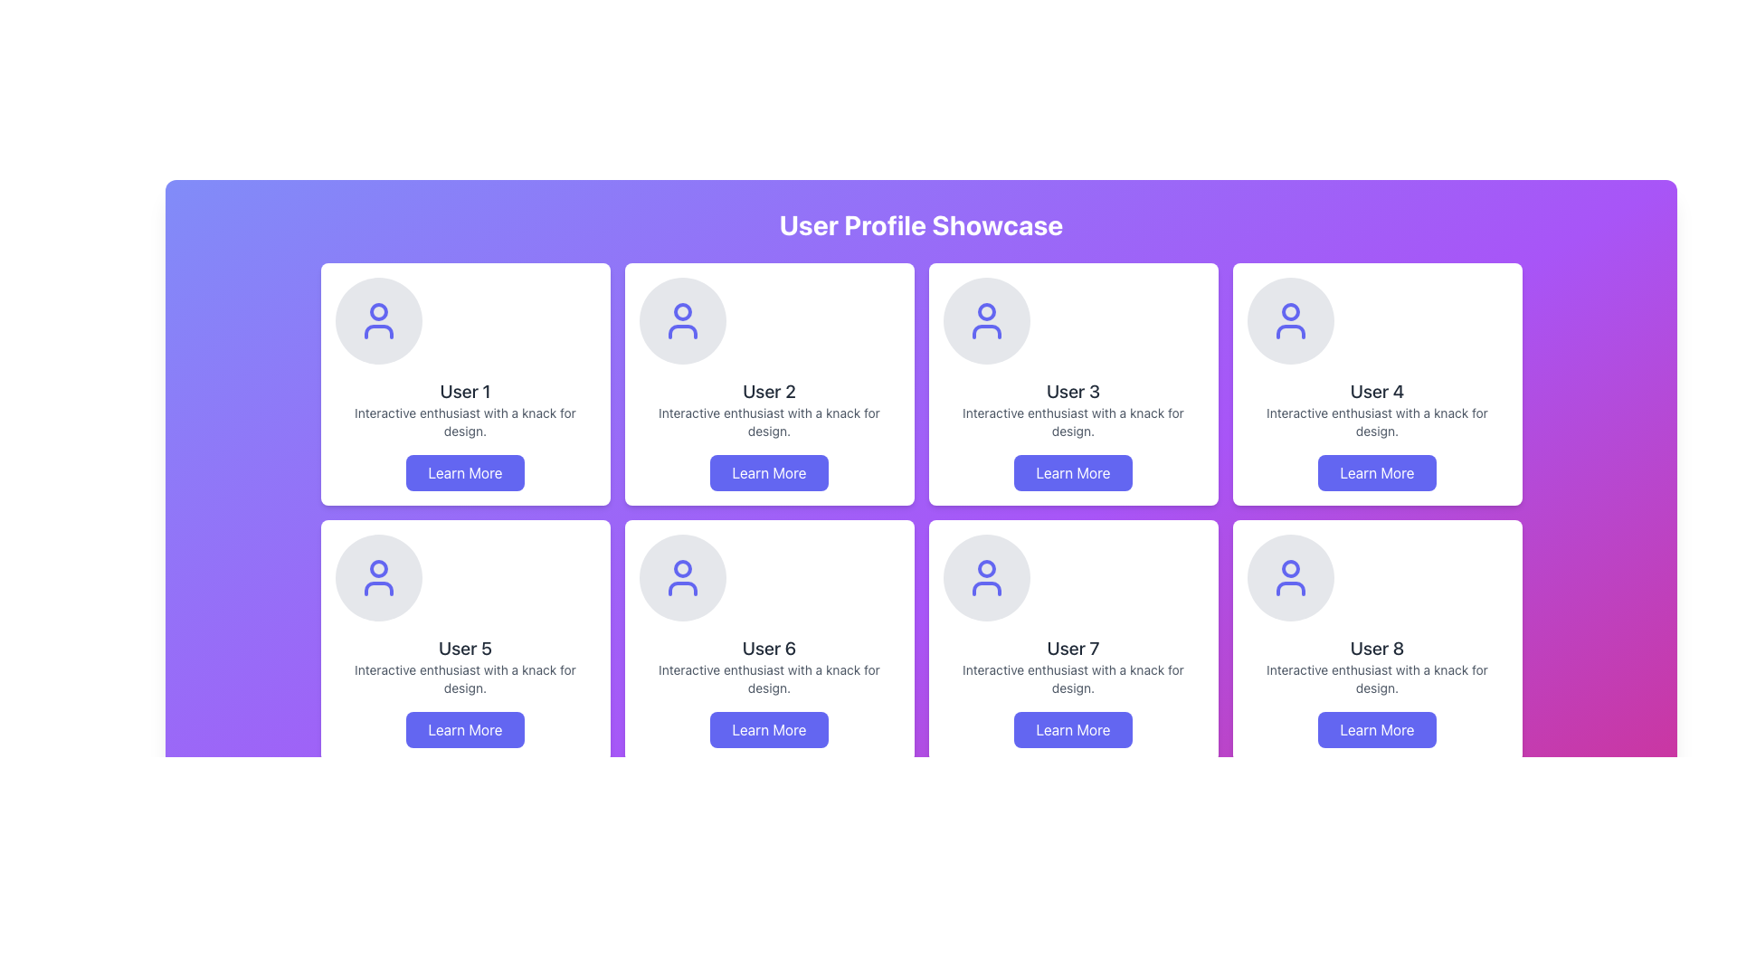  I want to click on the text element that reads 'Interactive enthusiast with a knack for design.' located in the third user profile card, positioned below 'User 3' and above the 'Learn More' button, so click(1073, 422).